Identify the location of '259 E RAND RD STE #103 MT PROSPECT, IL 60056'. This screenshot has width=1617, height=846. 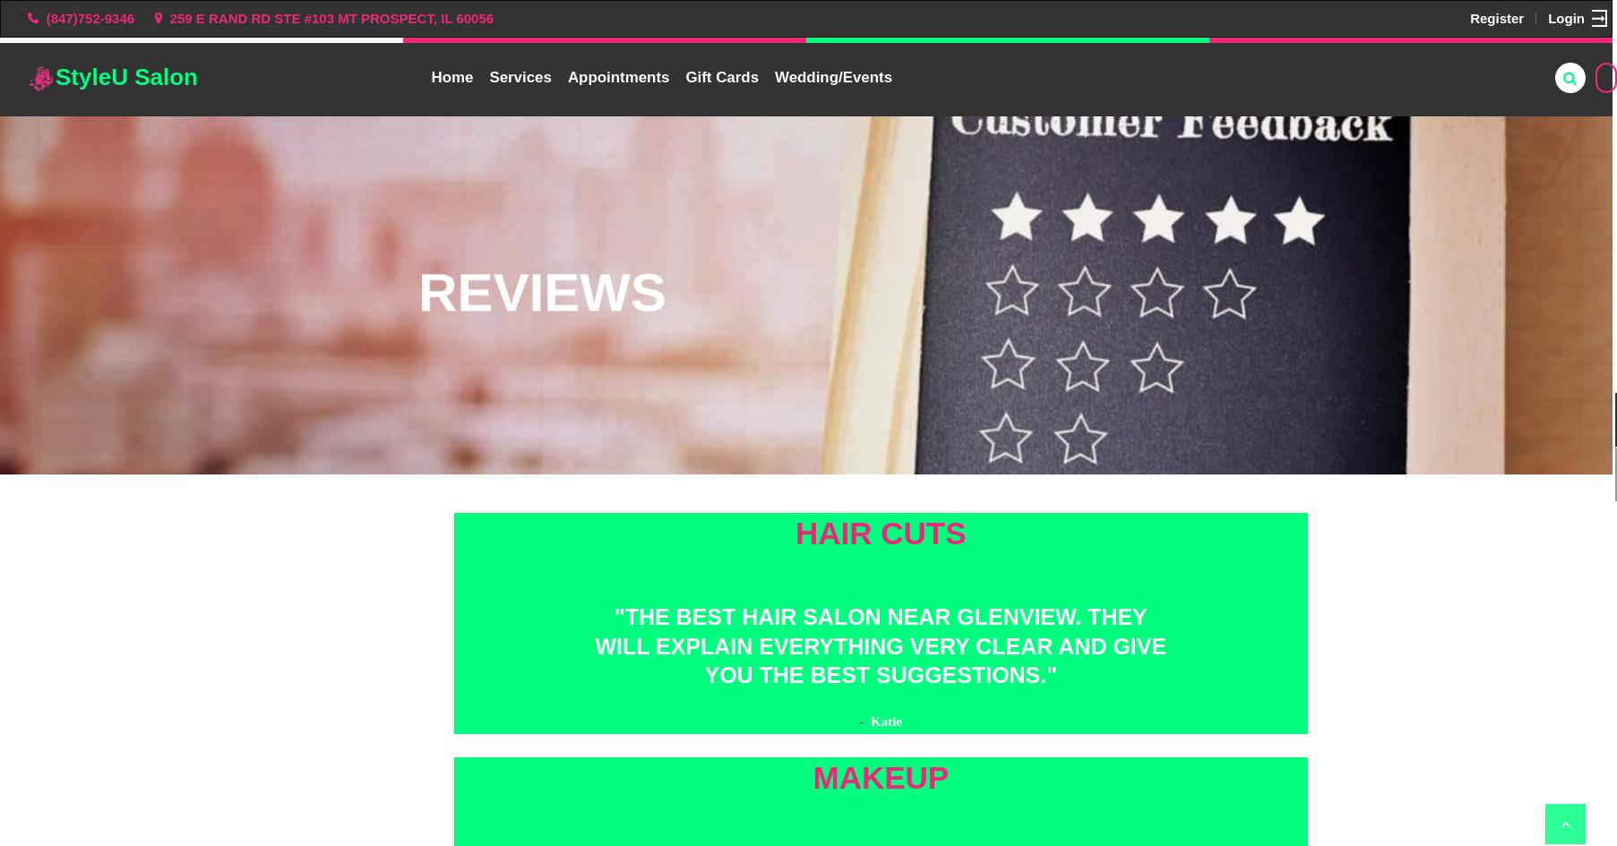
(168, 17).